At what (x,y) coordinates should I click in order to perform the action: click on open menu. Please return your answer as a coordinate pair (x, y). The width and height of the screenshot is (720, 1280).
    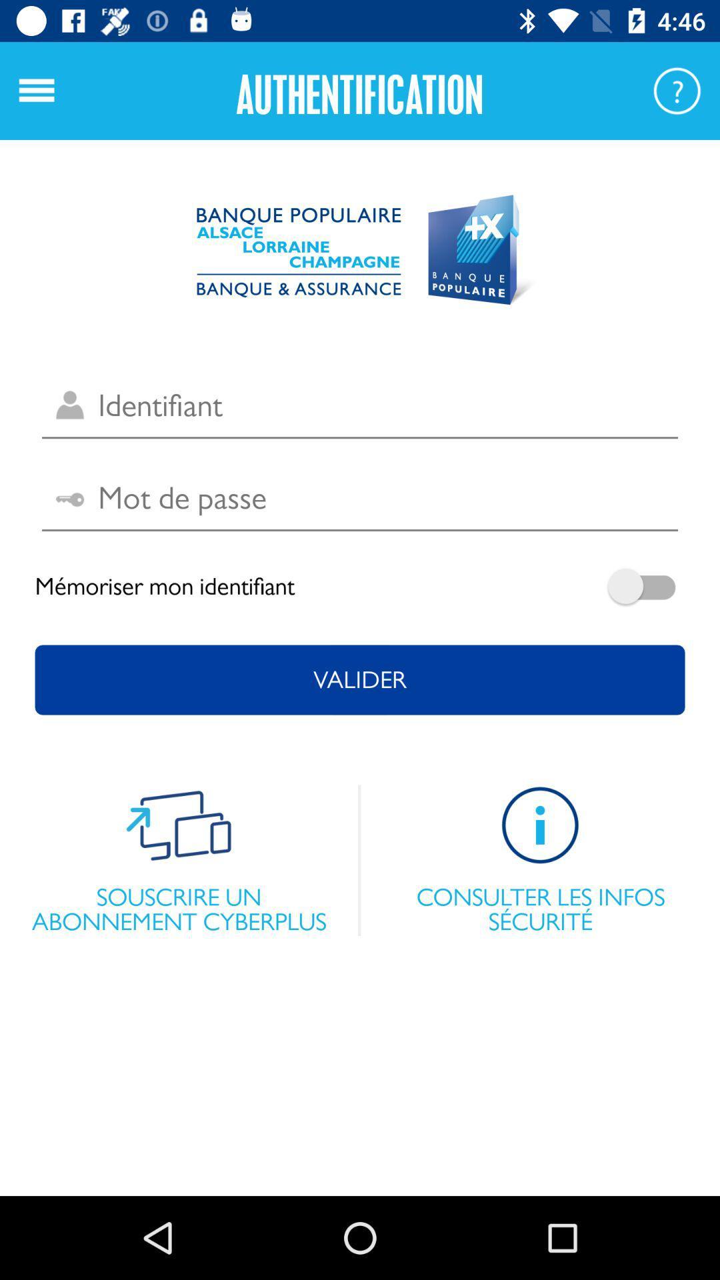
    Looking at the image, I should click on (36, 90).